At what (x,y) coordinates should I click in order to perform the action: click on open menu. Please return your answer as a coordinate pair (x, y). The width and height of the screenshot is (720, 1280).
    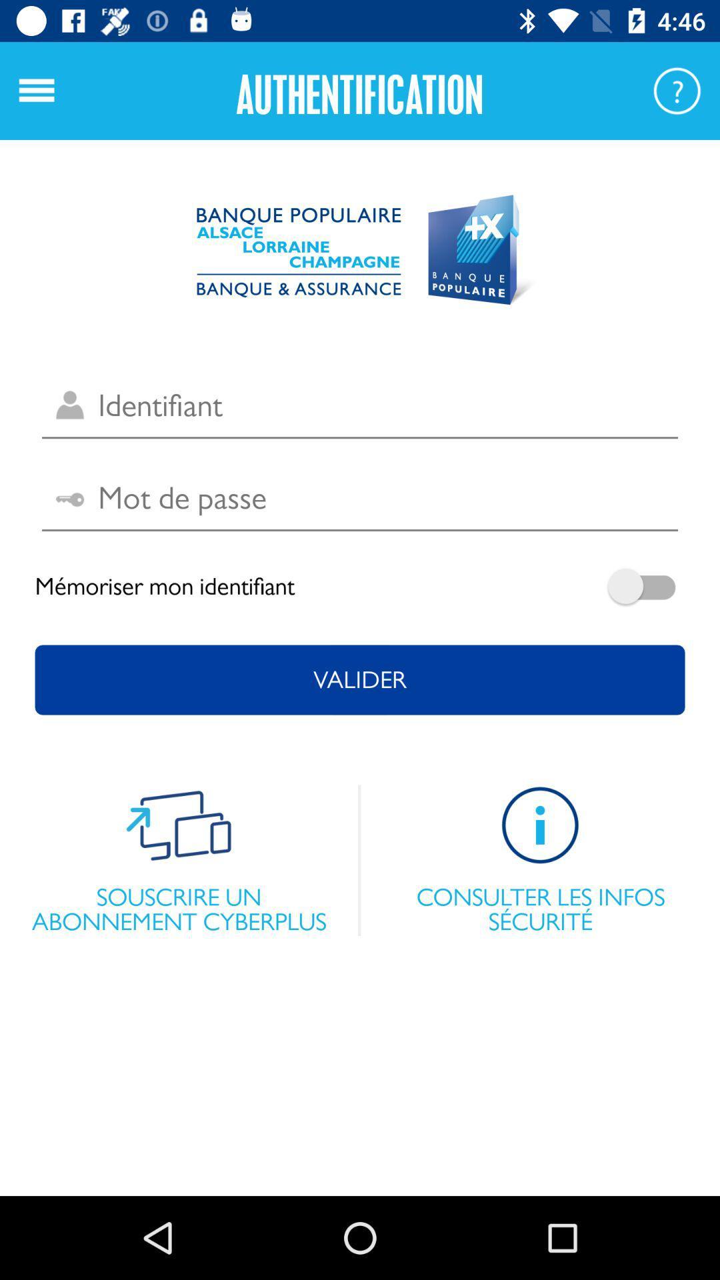
    Looking at the image, I should click on (36, 90).